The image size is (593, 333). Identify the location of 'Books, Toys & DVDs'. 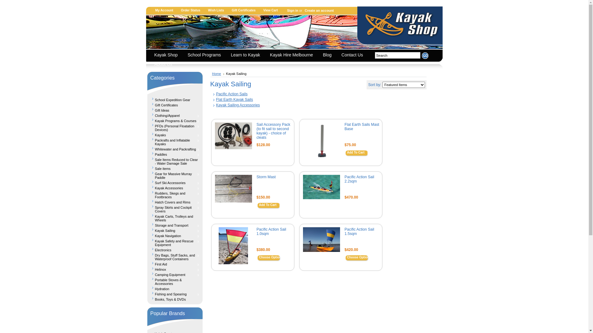
(174, 298).